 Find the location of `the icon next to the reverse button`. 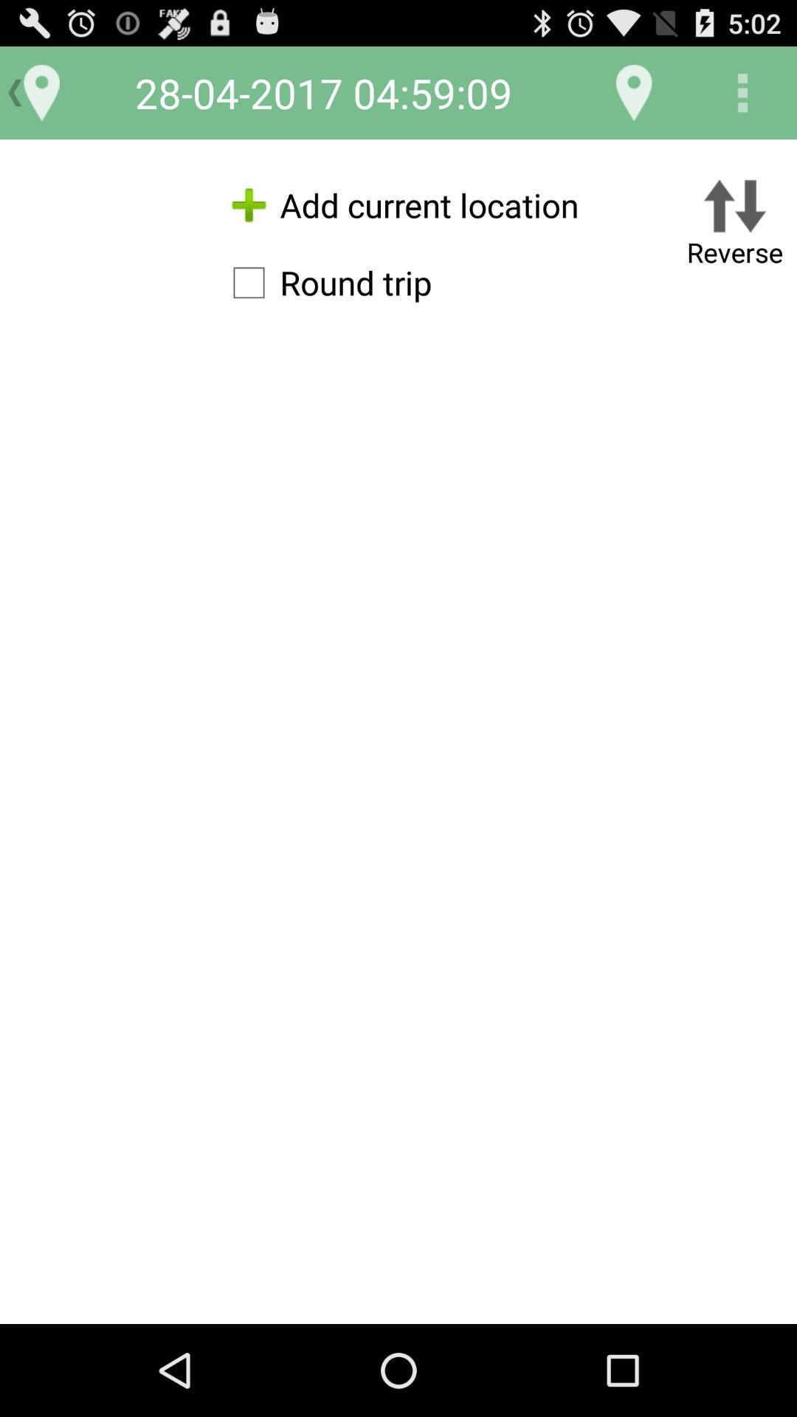

the icon next to the reverse button is located at coordinates (398, 204).